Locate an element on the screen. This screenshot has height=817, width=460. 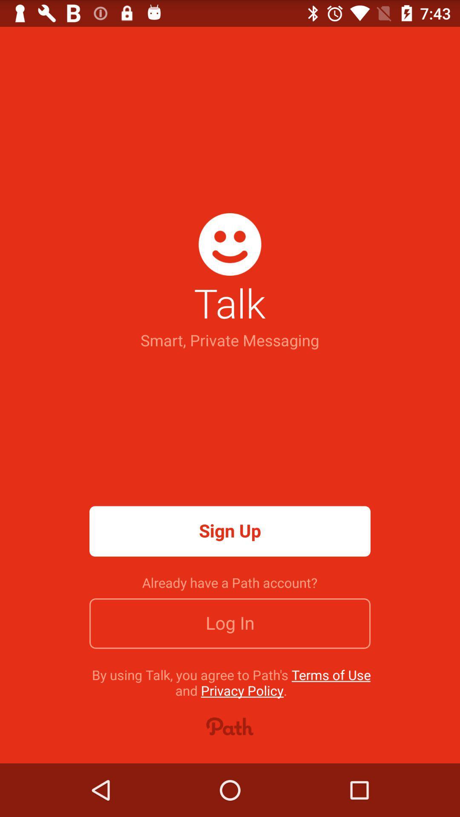
icon above the by using talk is located at coordinates (230, 623).